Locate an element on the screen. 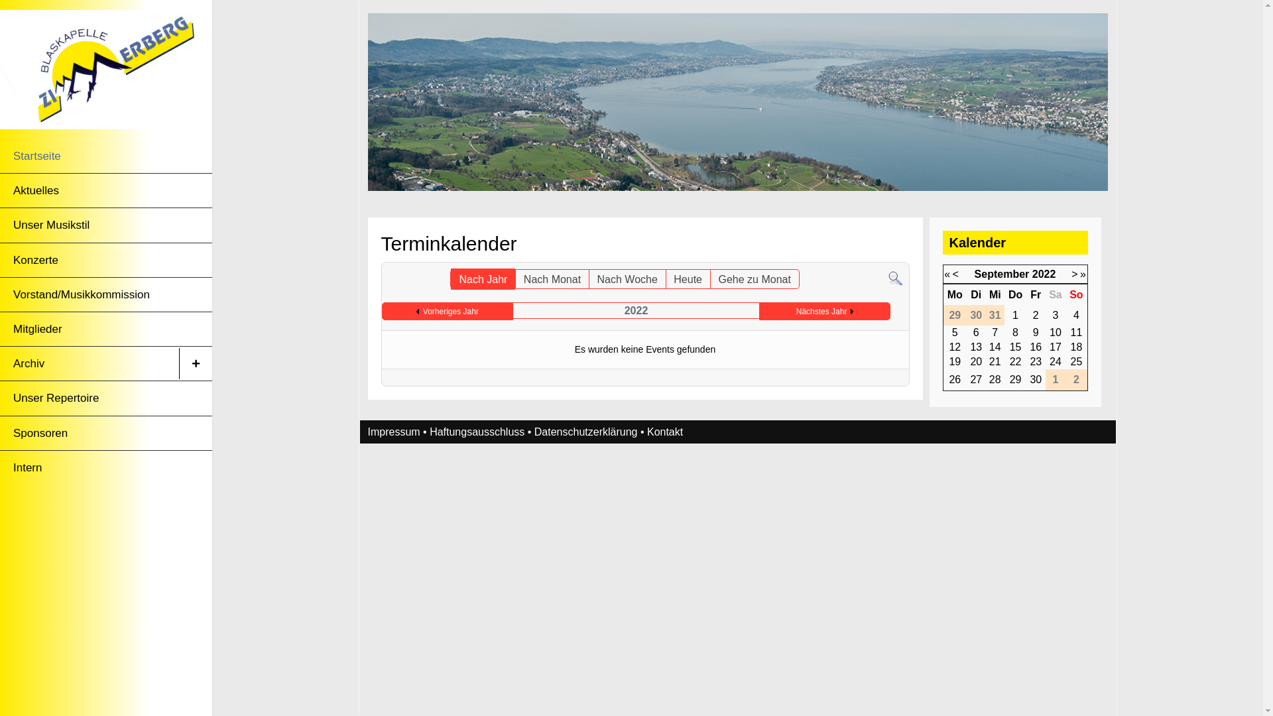 The height and width of the screenshot is (716, 1273). '14' is located at coordinates (995, 346).